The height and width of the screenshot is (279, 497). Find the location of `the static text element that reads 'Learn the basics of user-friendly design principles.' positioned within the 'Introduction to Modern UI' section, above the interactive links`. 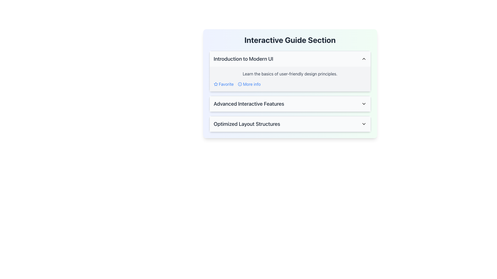

the static text element that reads 'Learn the basics of user-friendly design principles.' positioned within the 'Introduction to Modern UI' section, above the interactive links is located at coordinates (290, 74).